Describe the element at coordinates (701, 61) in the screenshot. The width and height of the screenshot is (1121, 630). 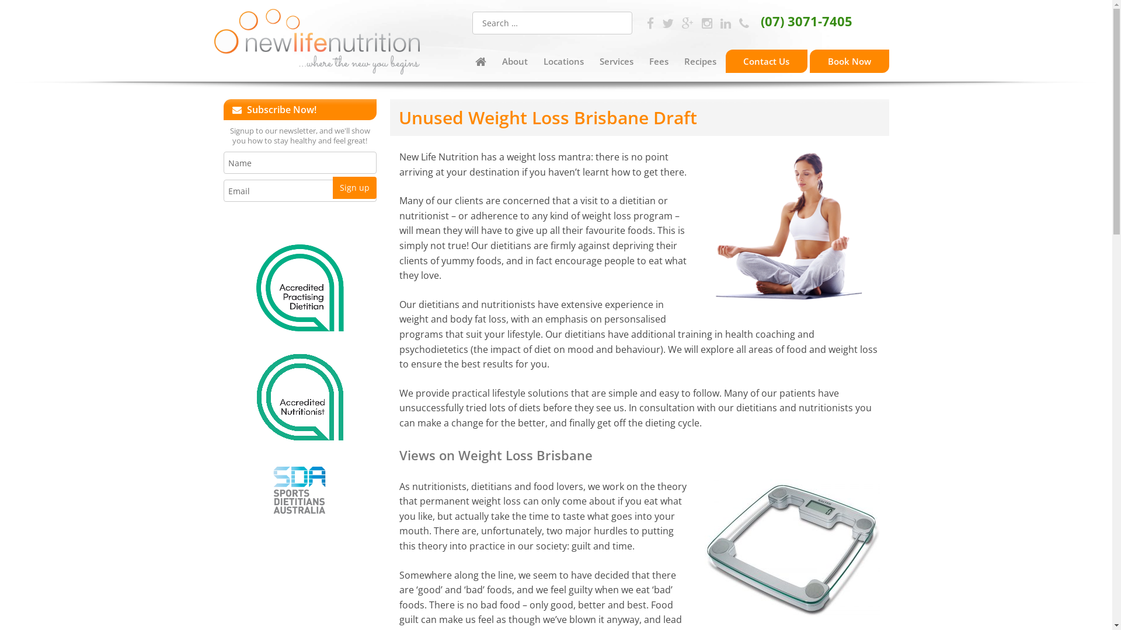
I see `'Recipes'` at that location.